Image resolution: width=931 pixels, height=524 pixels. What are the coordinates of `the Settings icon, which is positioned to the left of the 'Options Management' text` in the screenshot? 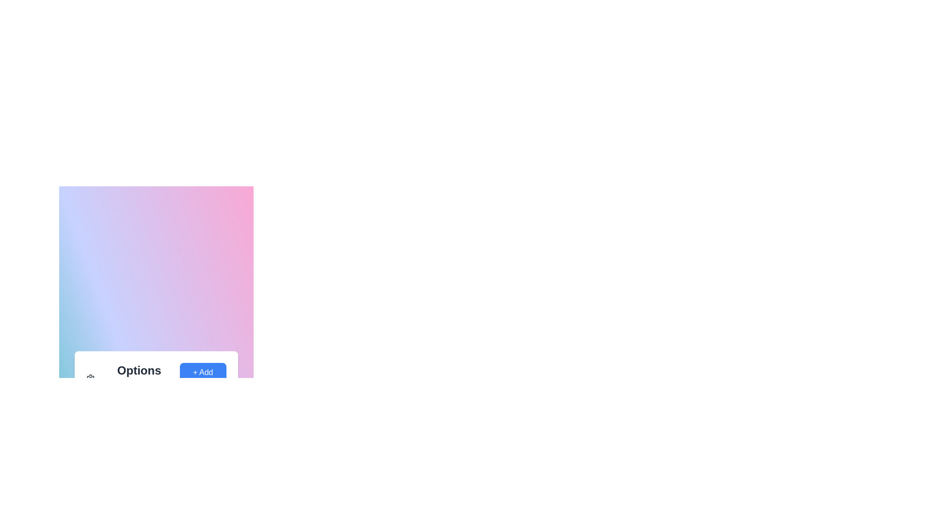 It's located at (90, 377).